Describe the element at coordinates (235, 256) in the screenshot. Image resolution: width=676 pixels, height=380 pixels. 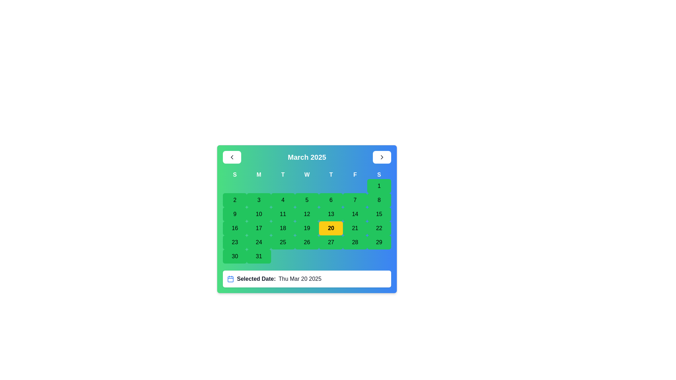
I see `the green button with rounded corners that contains the number '30' in bold black text, located in the last row of a 7-column calendar grid` at that location.